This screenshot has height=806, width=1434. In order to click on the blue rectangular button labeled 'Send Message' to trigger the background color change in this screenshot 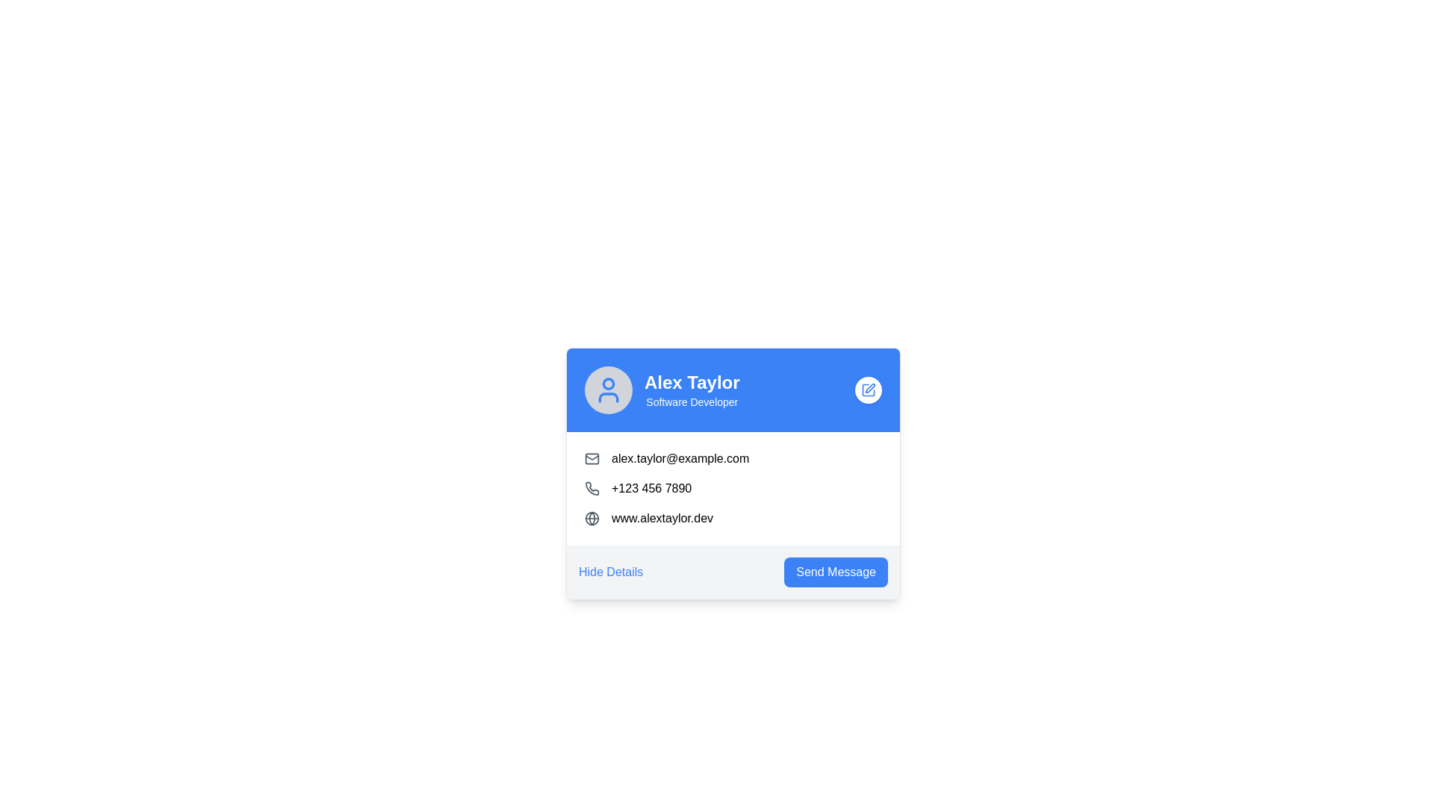, I will do `click(835, 572)`.